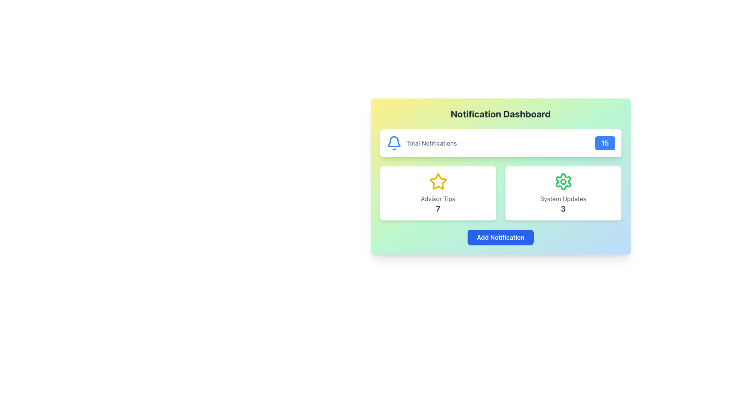  I want to click on the 'Advisor Tips' text label, which is a smaller, gray-colored font located within a white card below a yellow star icon, so click(438, 198).